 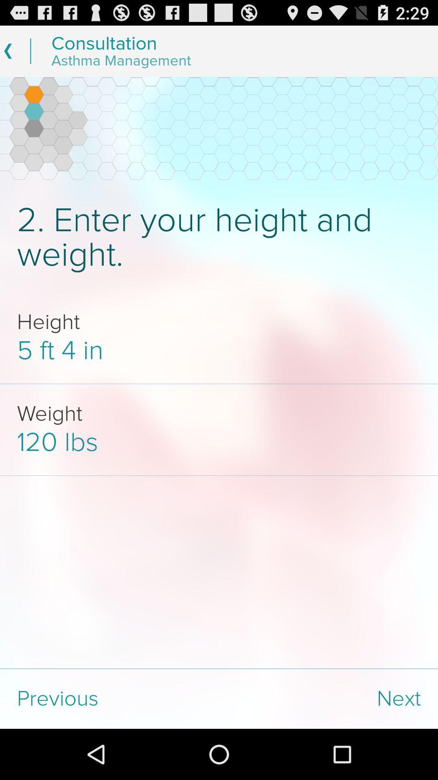 I want to click on the app to the left of the next icon, so click(x=109, y=698).